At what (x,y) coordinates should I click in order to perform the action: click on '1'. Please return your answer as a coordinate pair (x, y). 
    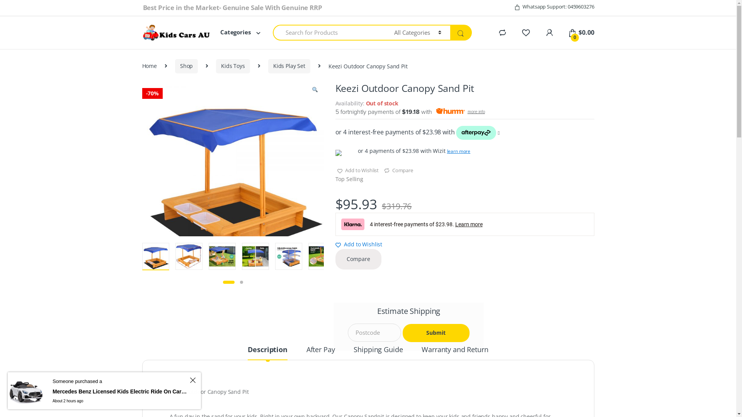
    Looking at the image, I should click on (228, 282).